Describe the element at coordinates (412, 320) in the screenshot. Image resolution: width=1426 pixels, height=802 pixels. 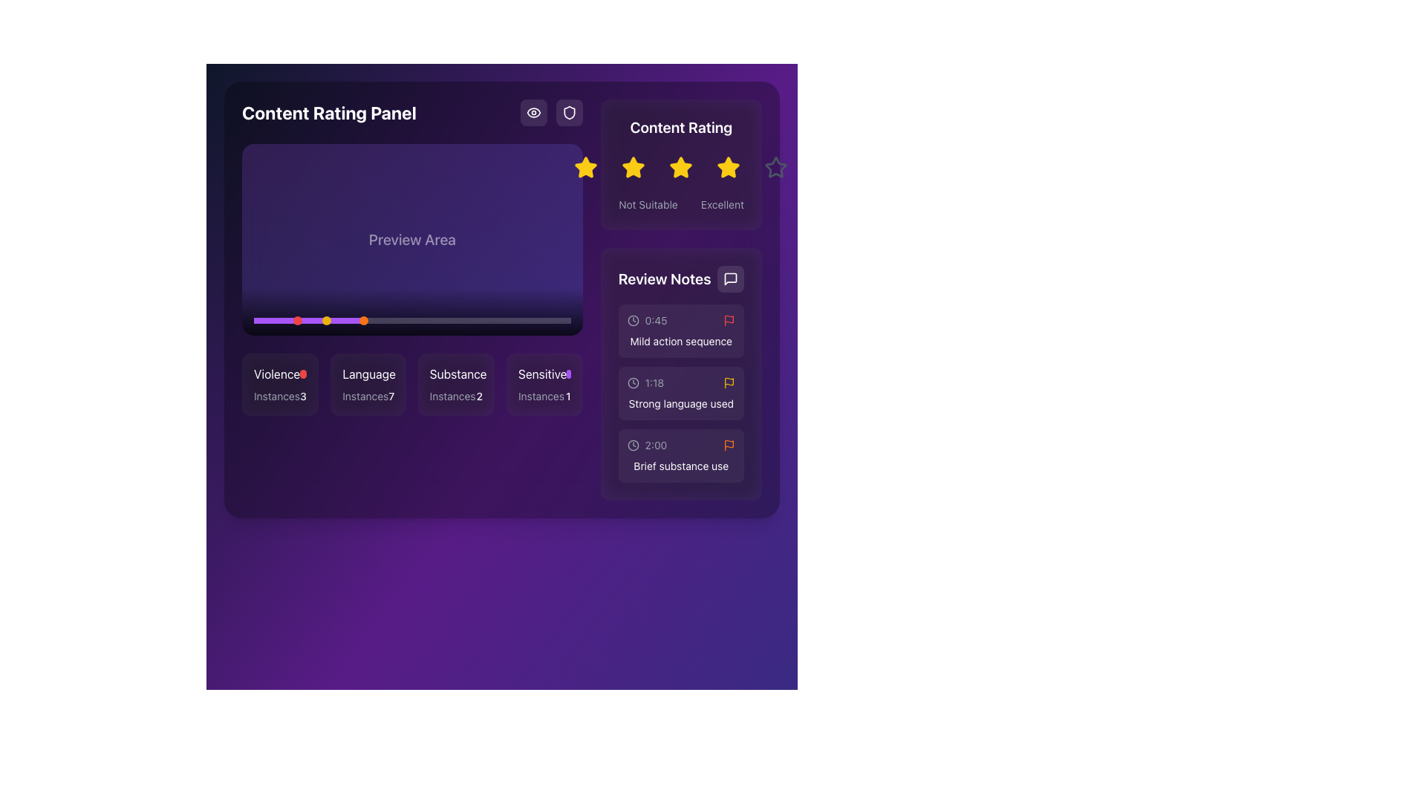
I see `the Progress bar or timeline located beneath the 'Preview Area', characterized by a thin horizontal design with a semi-transparent light overlay and rounded color-filled markers` at that location.